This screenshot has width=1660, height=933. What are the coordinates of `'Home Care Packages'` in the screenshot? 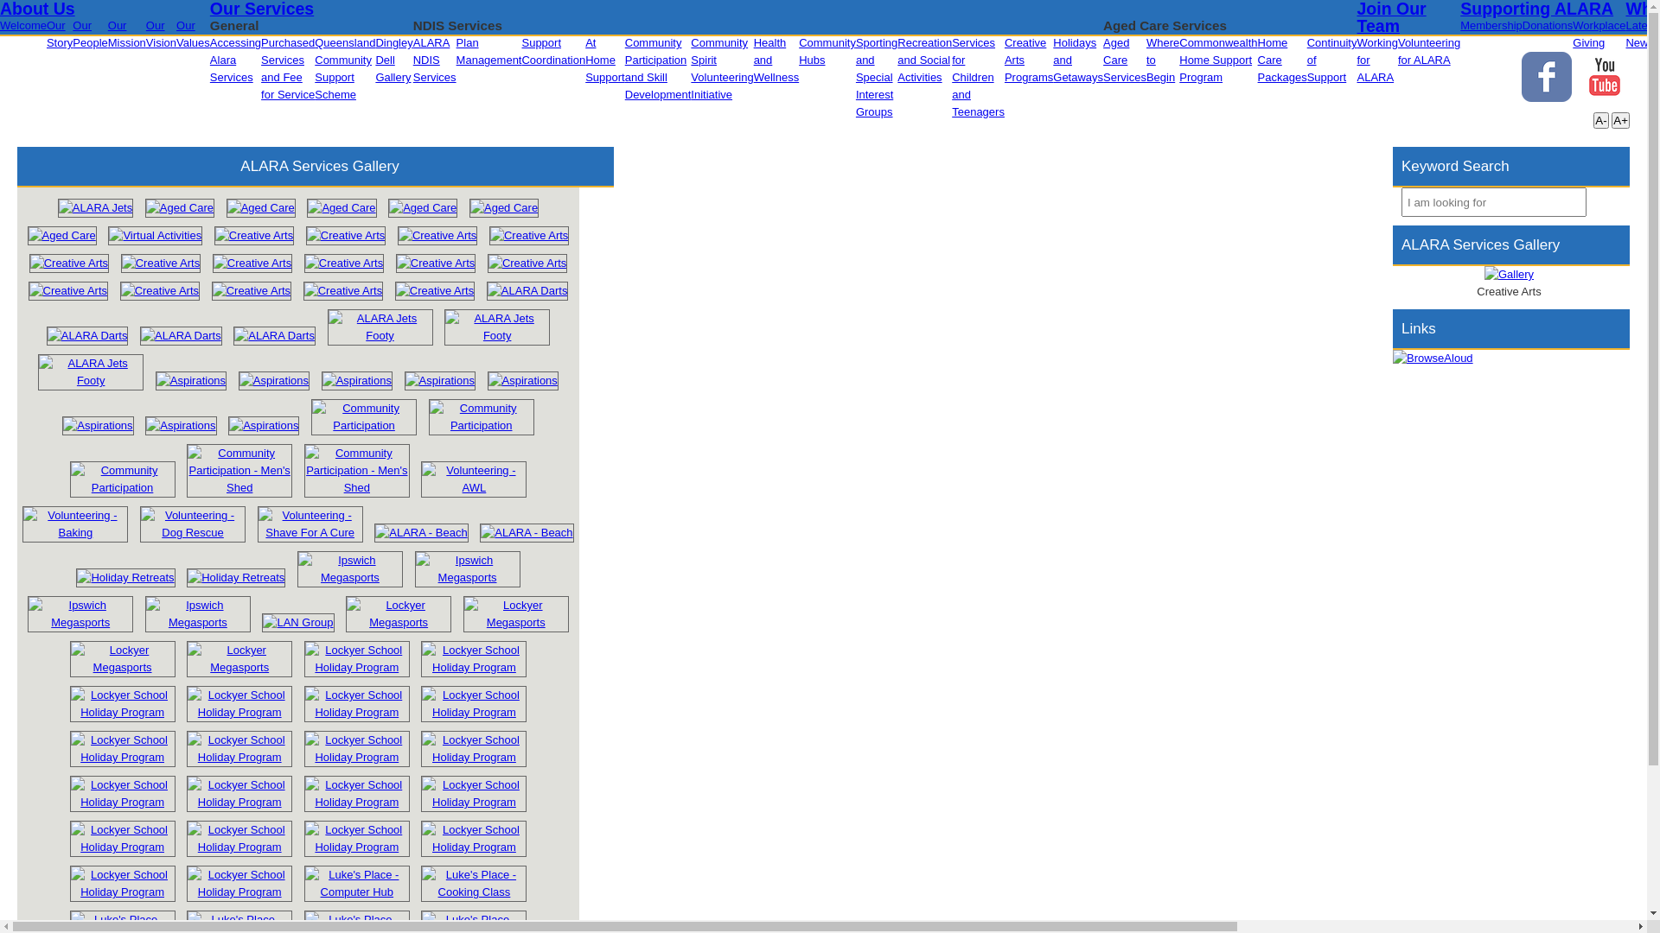 It's located at (1282, 59).